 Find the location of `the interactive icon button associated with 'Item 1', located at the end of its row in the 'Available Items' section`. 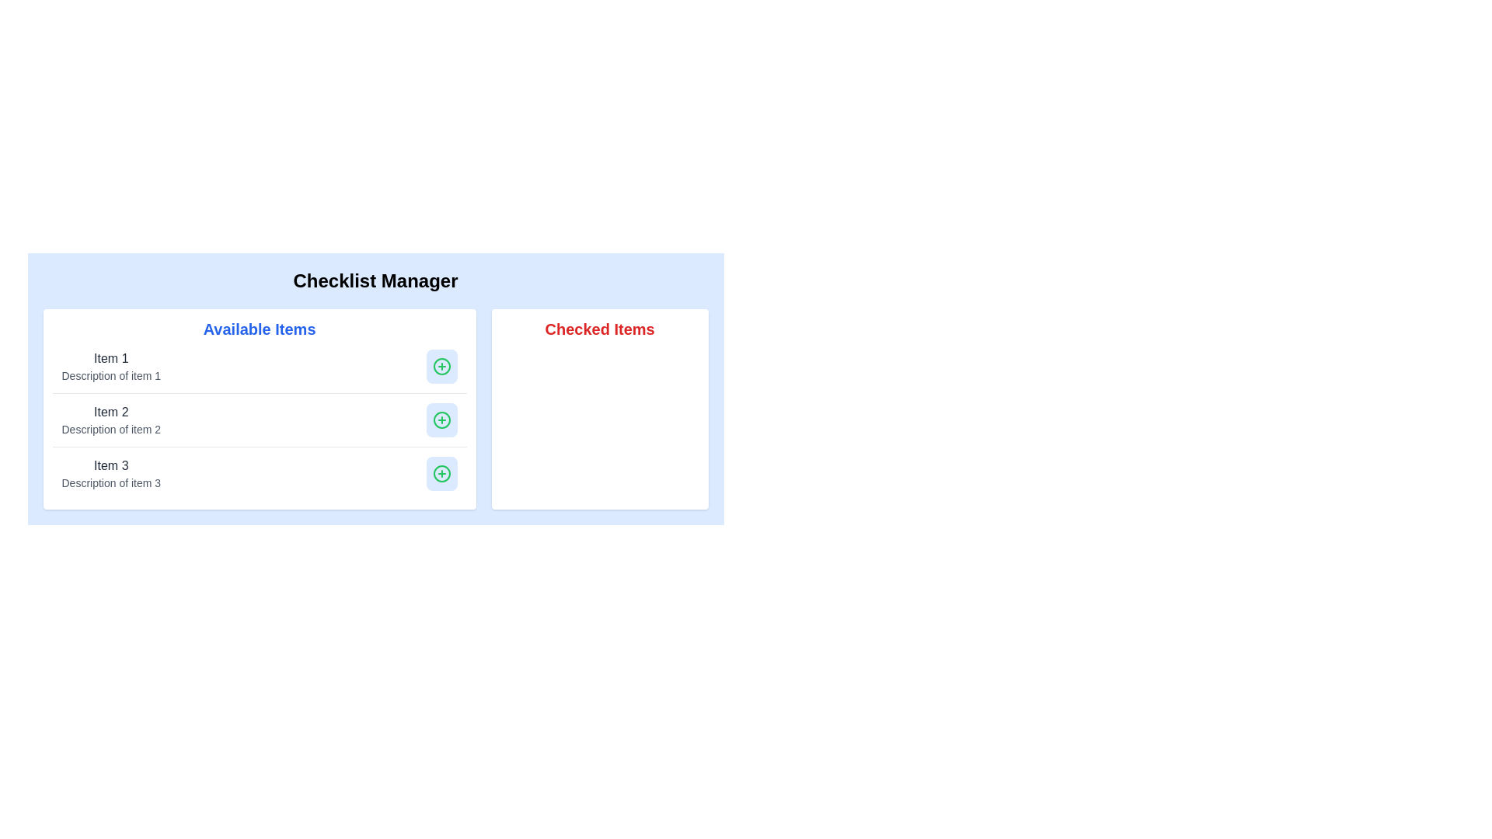

the interactive icon button associated with 'Item 1', located at the end of its row in the 'Available Items' section is located at coordinates (441, 472).